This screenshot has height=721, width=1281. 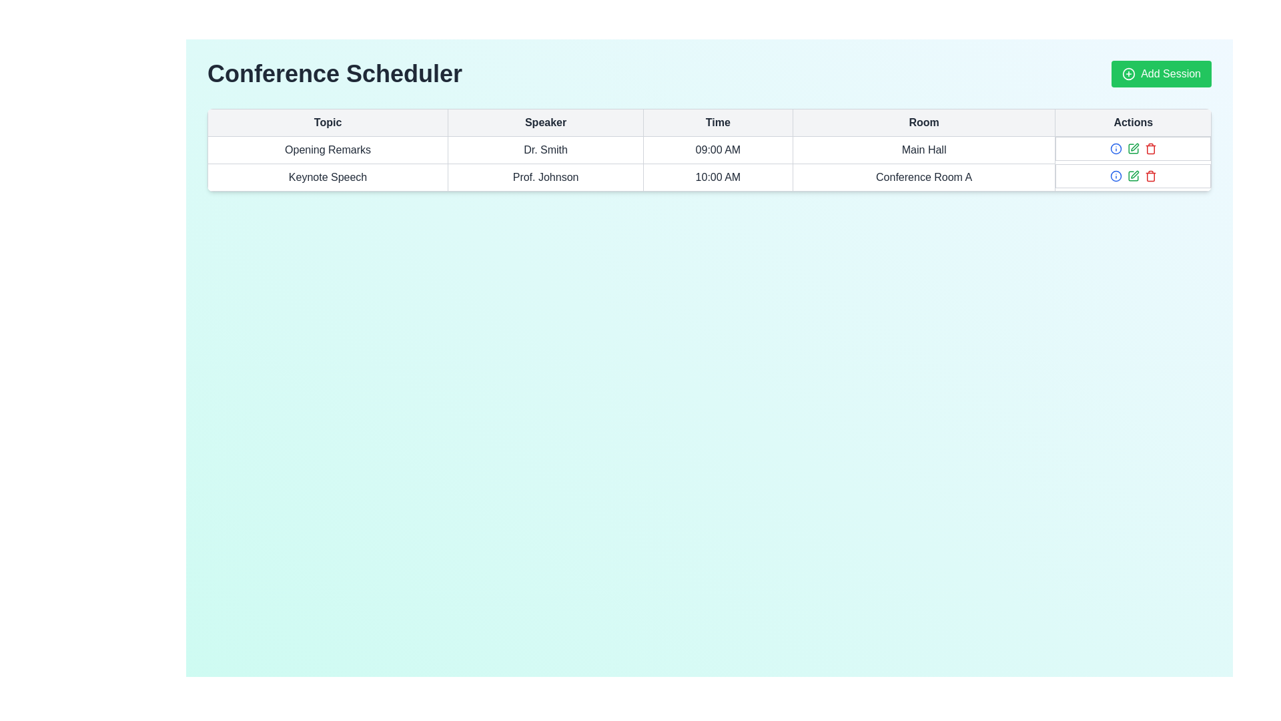 I want to click on the middle icon button for editing in the 'Actions' column of the 'Keynote Speech' entry located in 'Conference Room A', so click(x=1132, y=175).